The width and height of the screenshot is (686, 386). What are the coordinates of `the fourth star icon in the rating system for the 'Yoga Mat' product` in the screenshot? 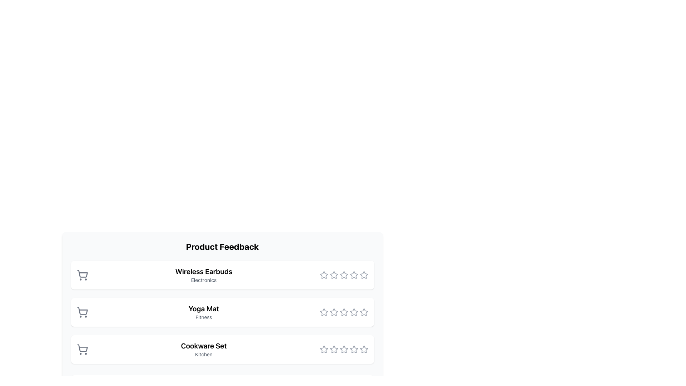 It's located at (344, 312).